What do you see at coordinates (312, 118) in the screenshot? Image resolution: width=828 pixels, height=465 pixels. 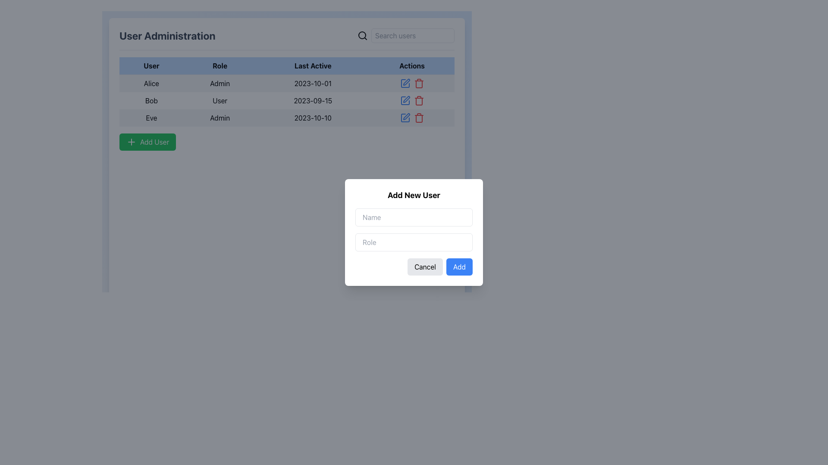 I see `the text label that displays the last active date for the user 'Eve' in the user administration interface, which is the third visible sibling in the 'Last Active' column of the table` at bounding box center [312, 118].